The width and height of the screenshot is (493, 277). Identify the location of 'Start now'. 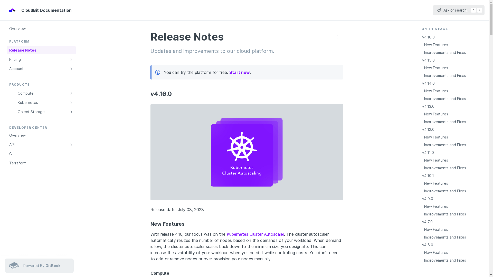
(229, 72).